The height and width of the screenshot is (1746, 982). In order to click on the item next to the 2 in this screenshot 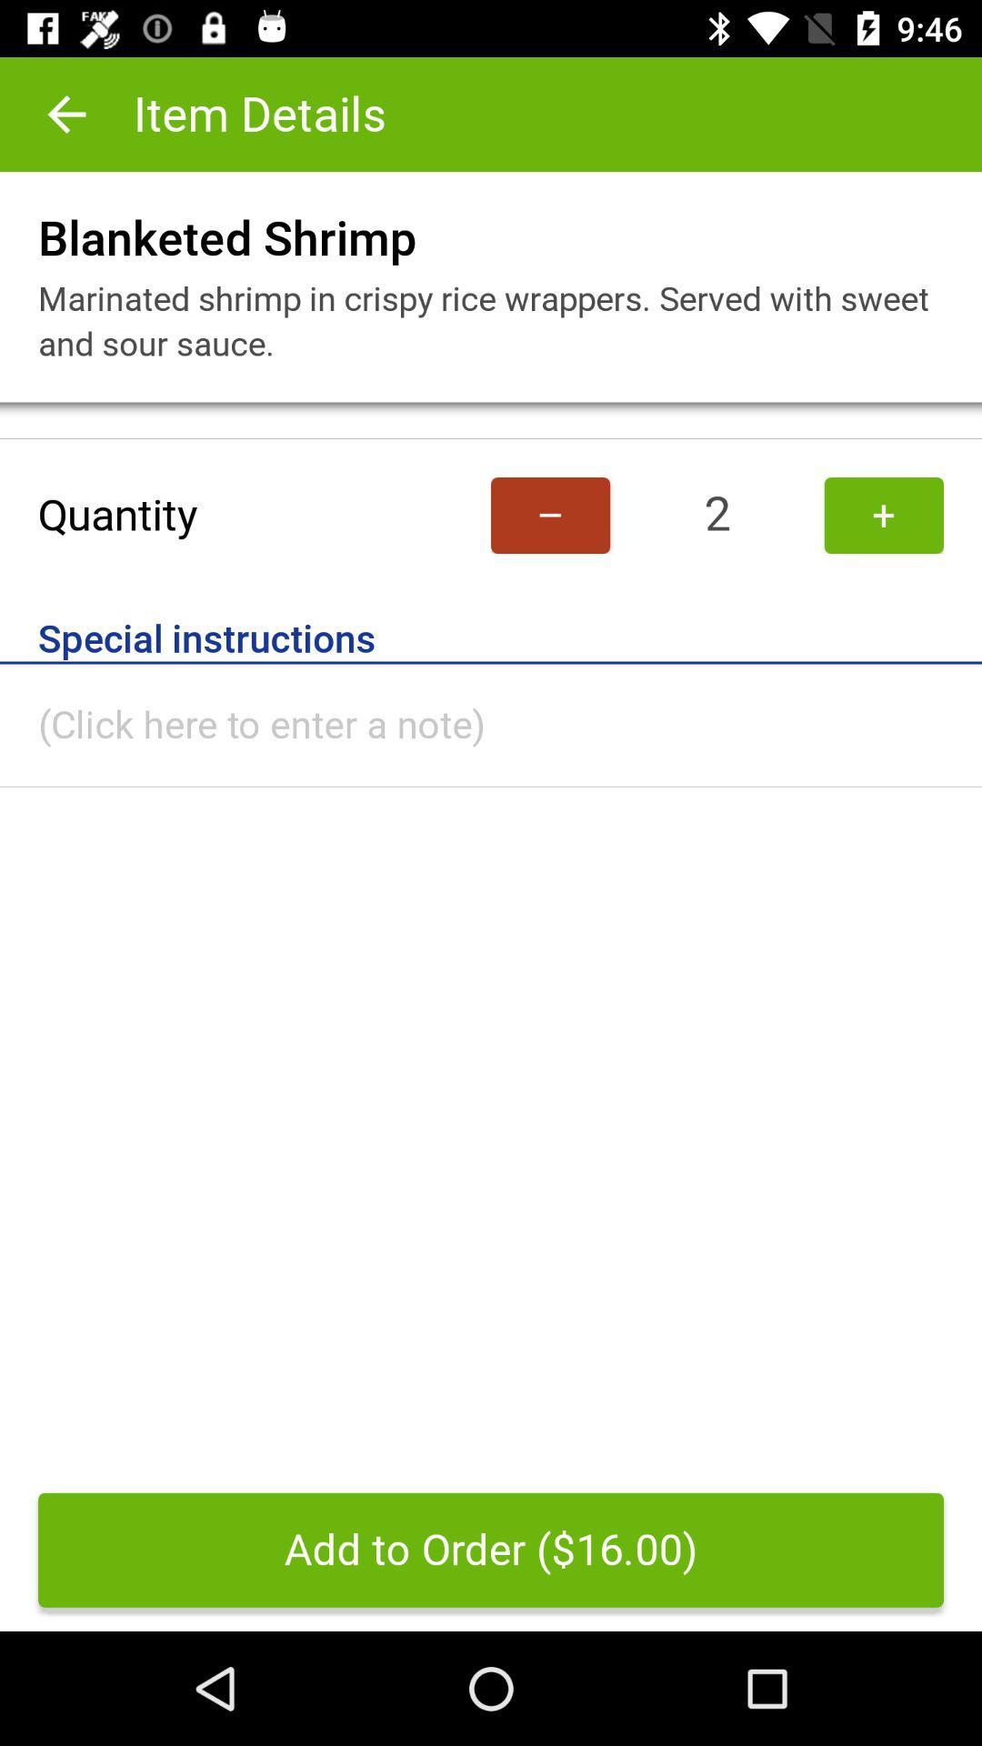, I will do `click(549, 514)`.